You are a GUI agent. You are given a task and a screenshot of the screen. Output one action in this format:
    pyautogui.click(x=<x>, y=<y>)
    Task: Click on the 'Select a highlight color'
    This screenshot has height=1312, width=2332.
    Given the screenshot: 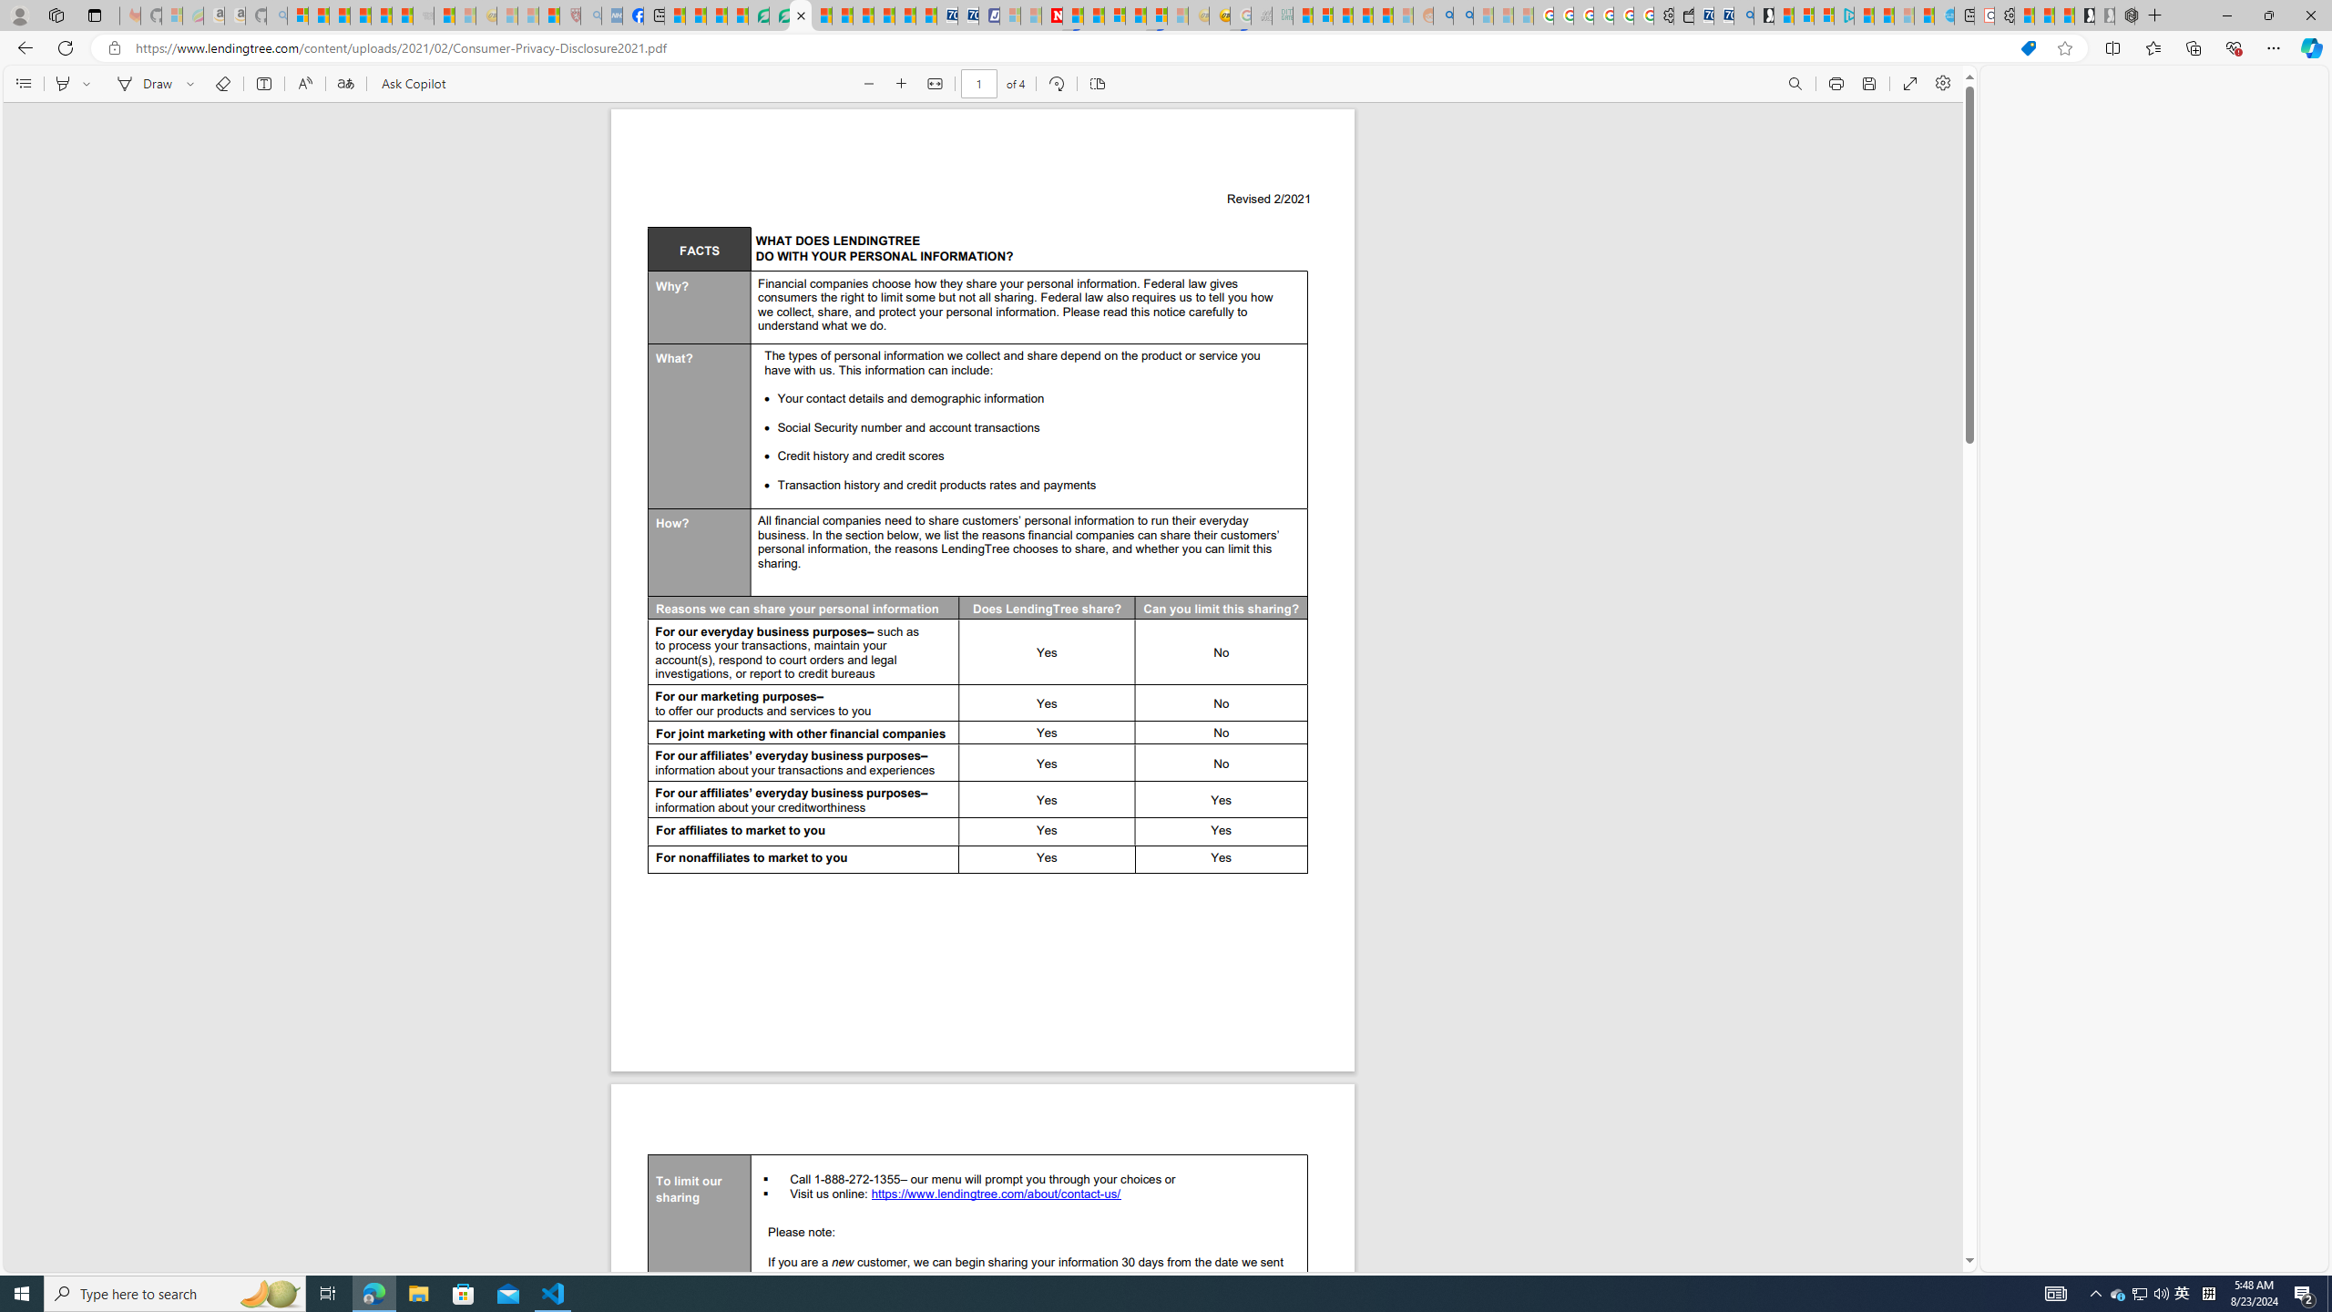 What is the action you would take?
    pyautogui.click(x=88, y=83)
    